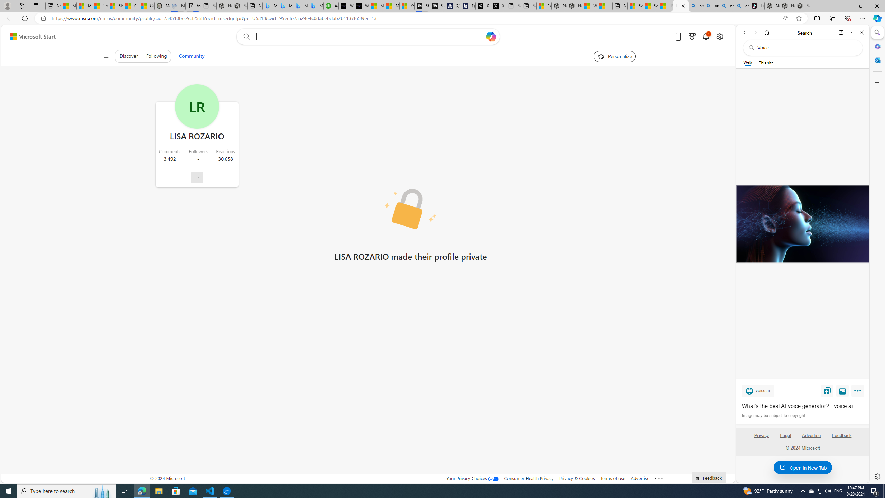 This screenshot has width=885, height=498. What do you see at coordinates (577, 478) in the screenshot?
I see `'Privacy & Cookies'` at bounding box center [577, 478].